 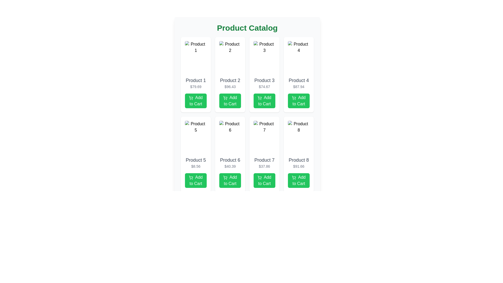 I want to click on the 'Add to Cart' button located in the second product card of the grid, which features the icon indicating the function, so click(x=225, y=97).